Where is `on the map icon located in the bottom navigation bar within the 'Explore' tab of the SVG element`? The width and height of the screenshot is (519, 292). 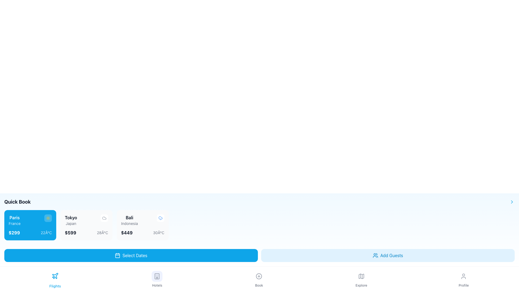 on the map icon located in the bottom navigation bar within the 'Explore' tab of the SVG element is located at coordinates (361, 276).